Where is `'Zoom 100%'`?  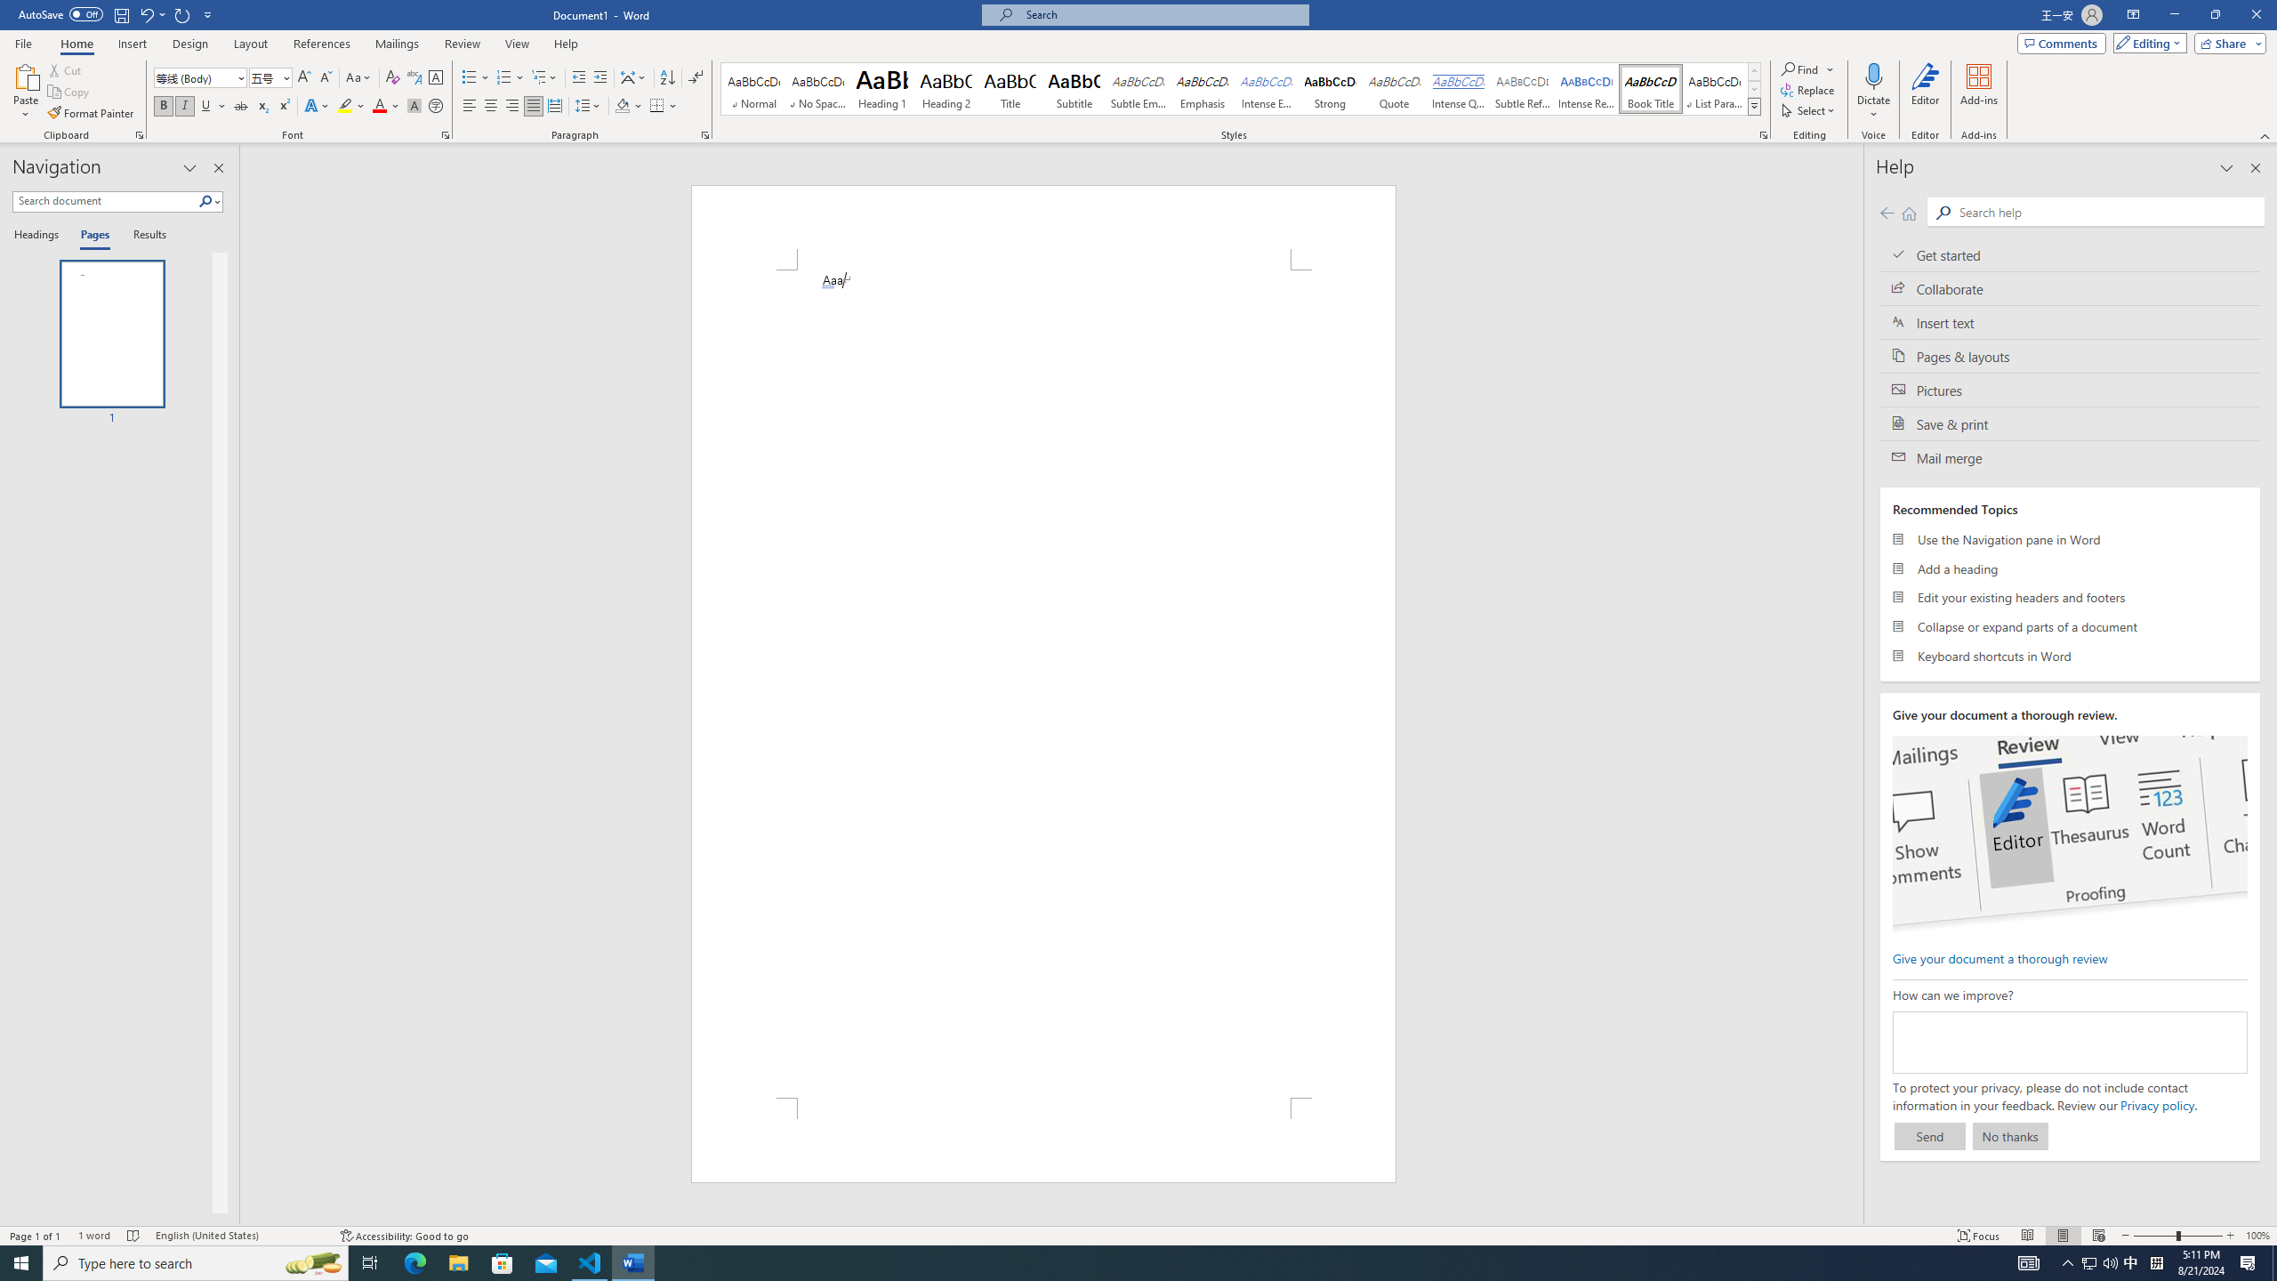 'Zoom 100%' is located at coordinates (2257, 1236).